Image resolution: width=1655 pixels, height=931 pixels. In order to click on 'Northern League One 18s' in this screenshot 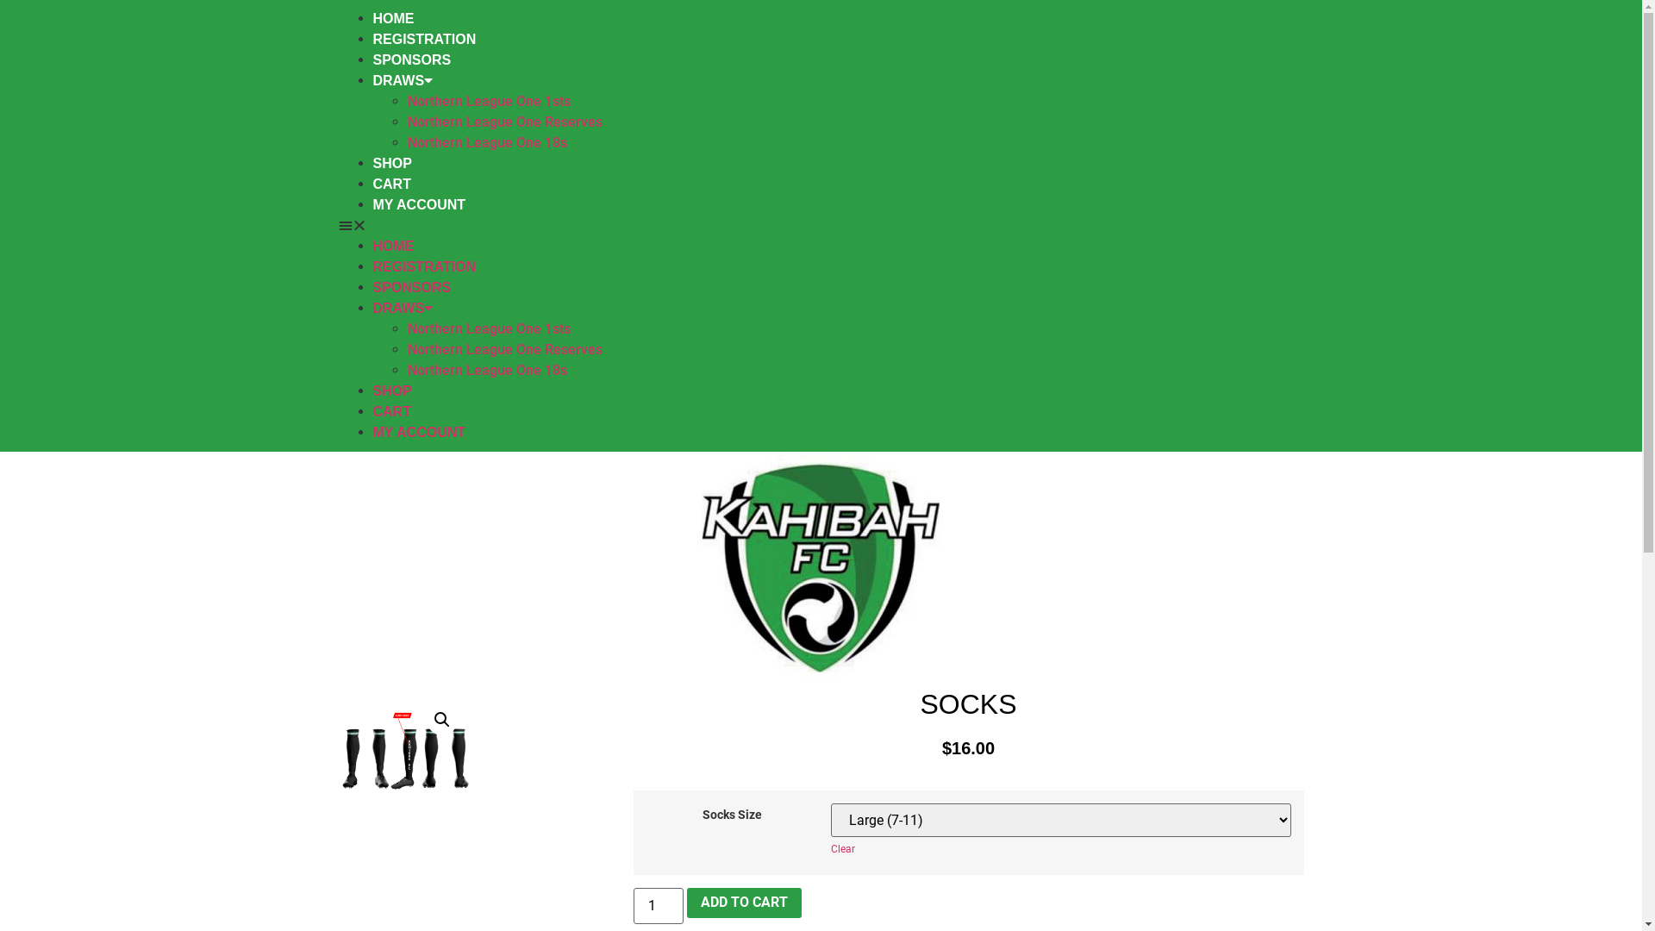, I will do `click(485, 141)`.